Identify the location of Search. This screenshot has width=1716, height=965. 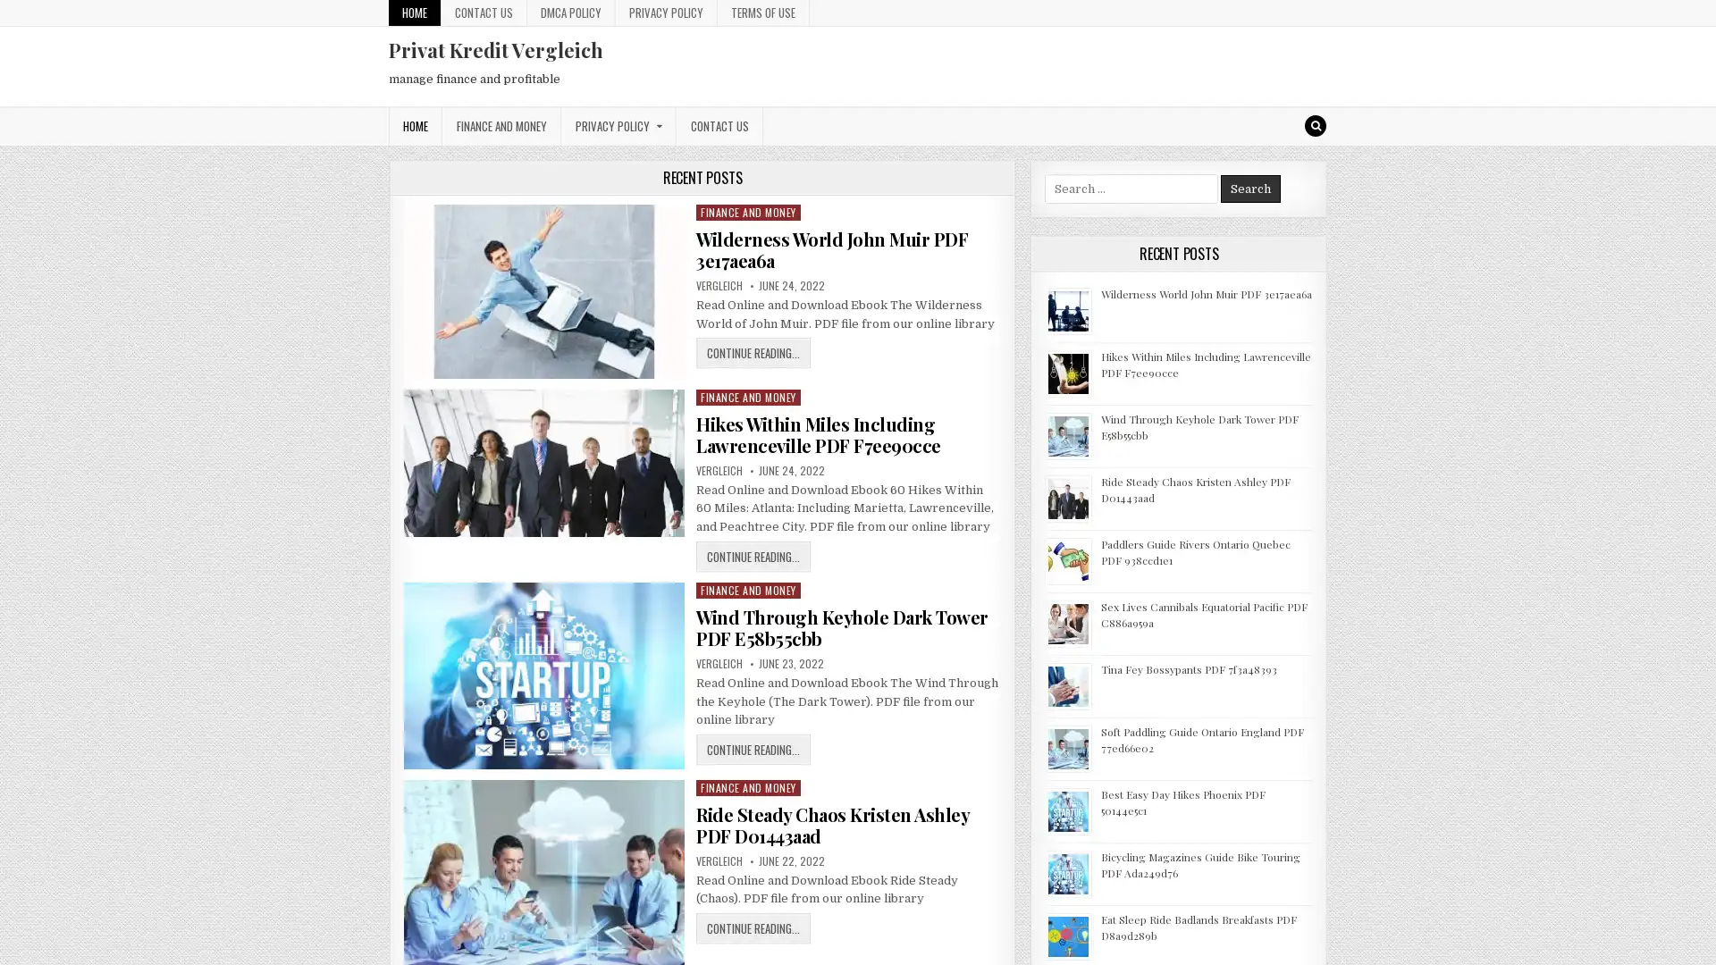
(1249, 189).